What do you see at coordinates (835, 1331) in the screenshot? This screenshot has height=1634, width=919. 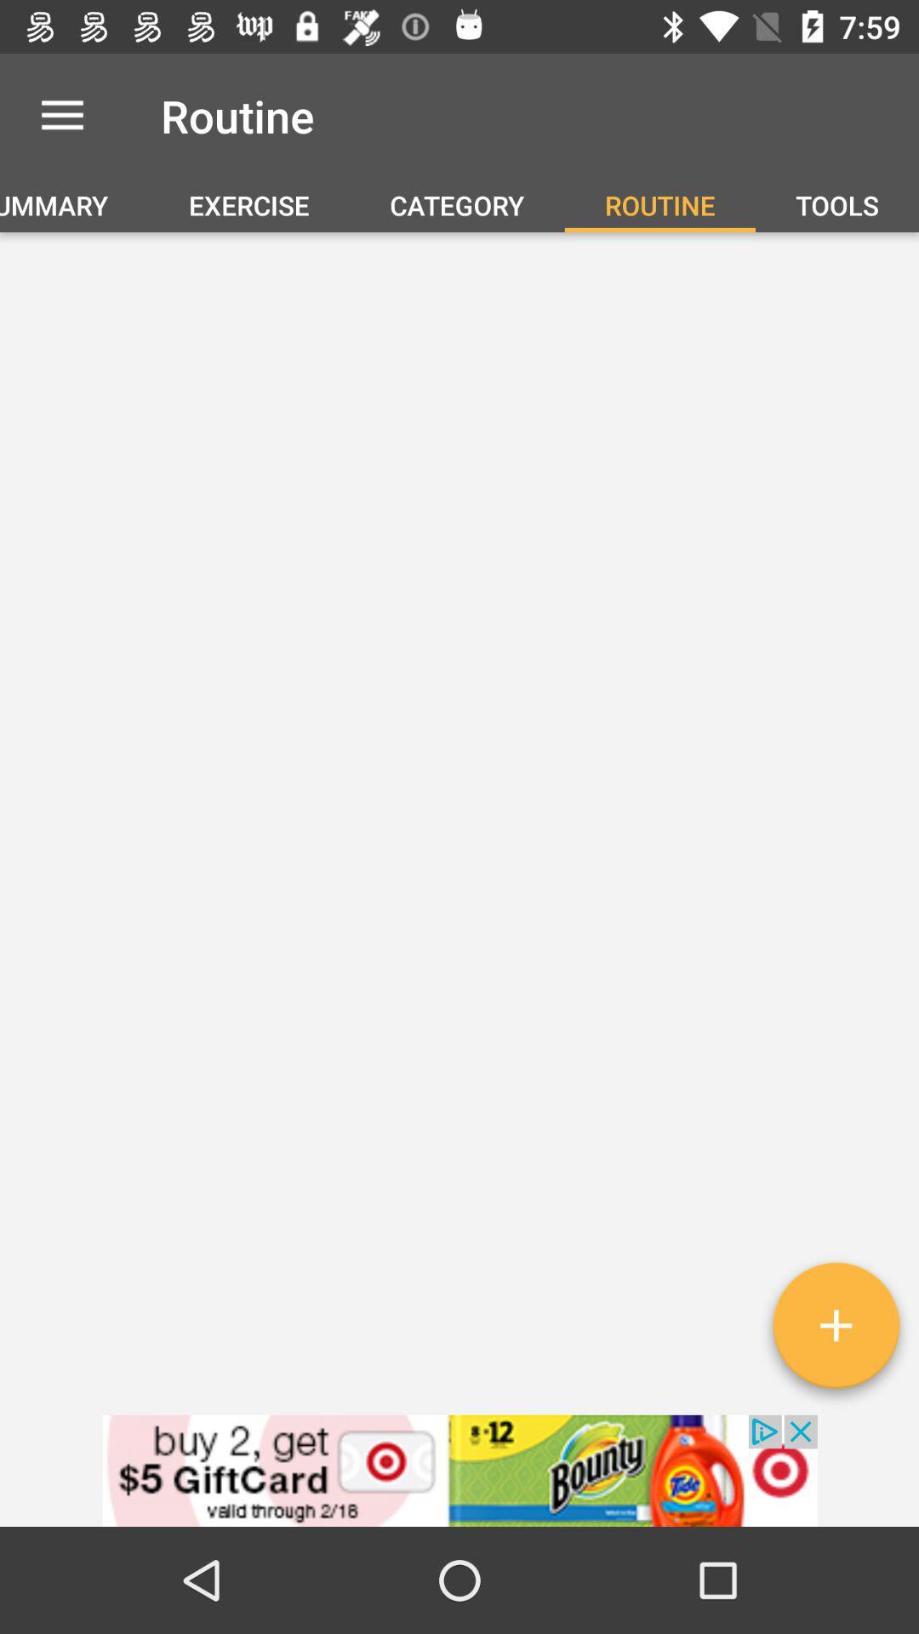 I see `the add icon` at bounding box center [835, 1331].